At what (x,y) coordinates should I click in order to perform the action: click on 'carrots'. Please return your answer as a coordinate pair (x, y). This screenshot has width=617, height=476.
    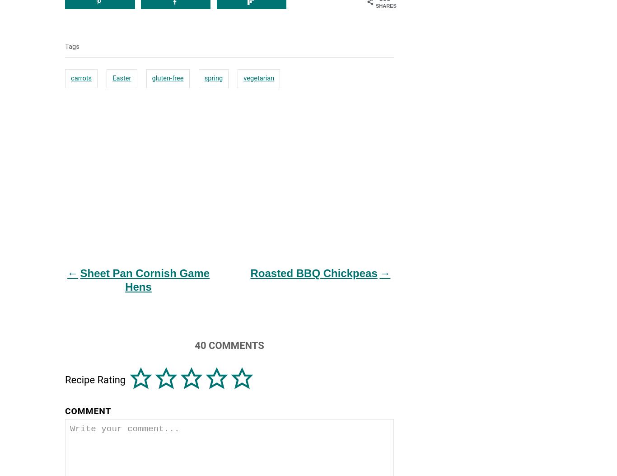
    Looking at the image, I should click on (81, 77).